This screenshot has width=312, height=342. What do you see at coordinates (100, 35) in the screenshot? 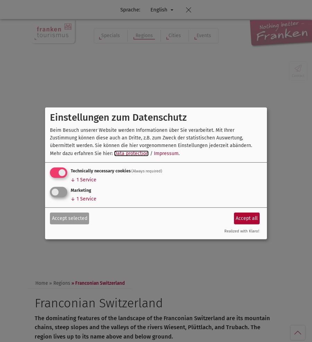
I see `'Specials'` at bounding box center [100, 35].